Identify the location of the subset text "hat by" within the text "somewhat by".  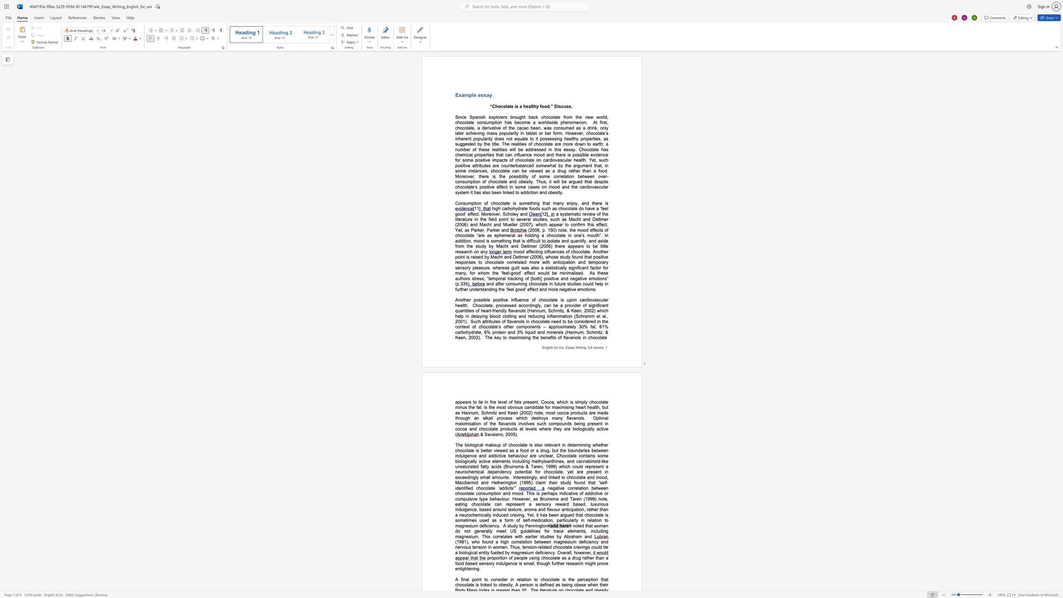
(550, 165).